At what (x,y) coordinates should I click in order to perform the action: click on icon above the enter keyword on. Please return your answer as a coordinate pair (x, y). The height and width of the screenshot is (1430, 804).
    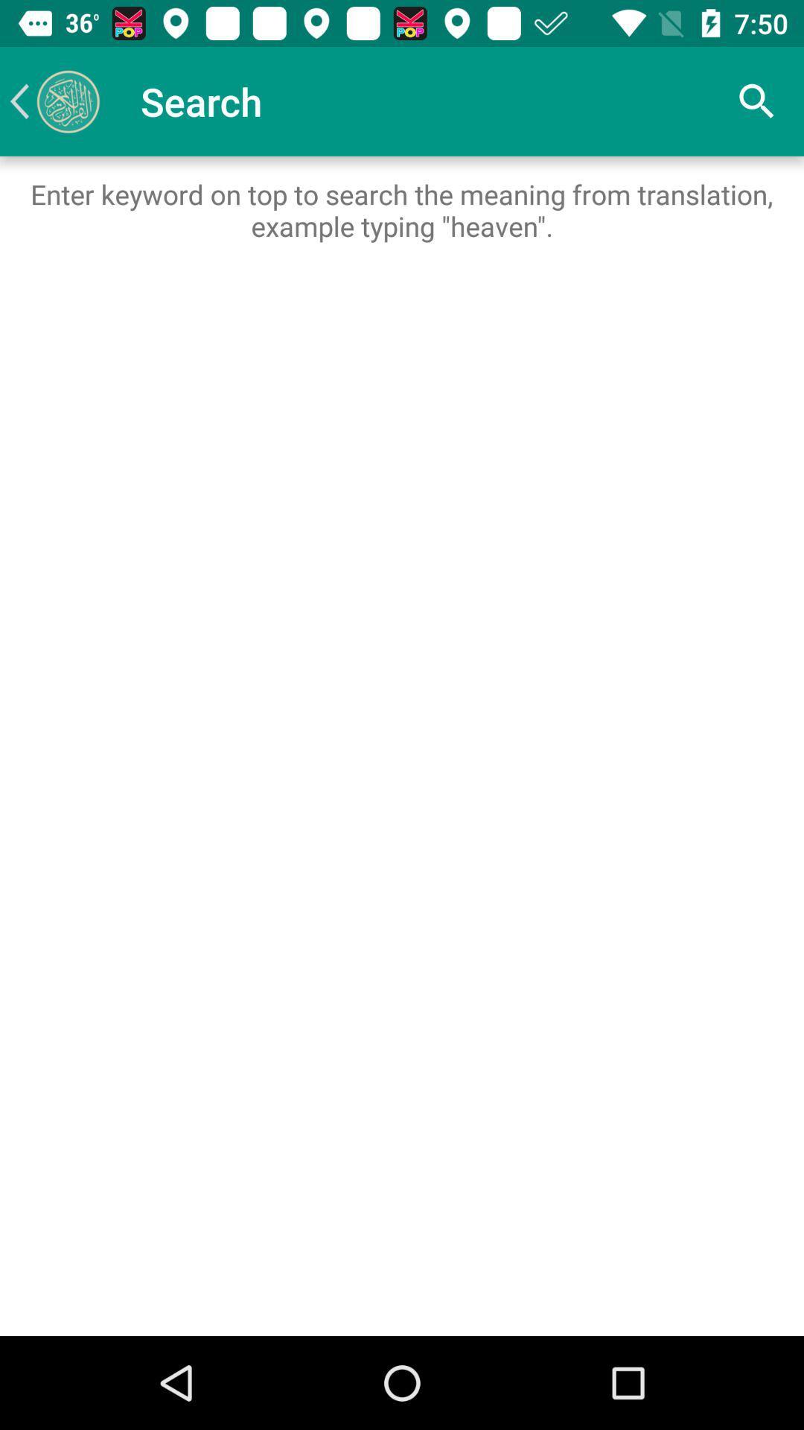
    Looking at the image, I should click on (54, 101).